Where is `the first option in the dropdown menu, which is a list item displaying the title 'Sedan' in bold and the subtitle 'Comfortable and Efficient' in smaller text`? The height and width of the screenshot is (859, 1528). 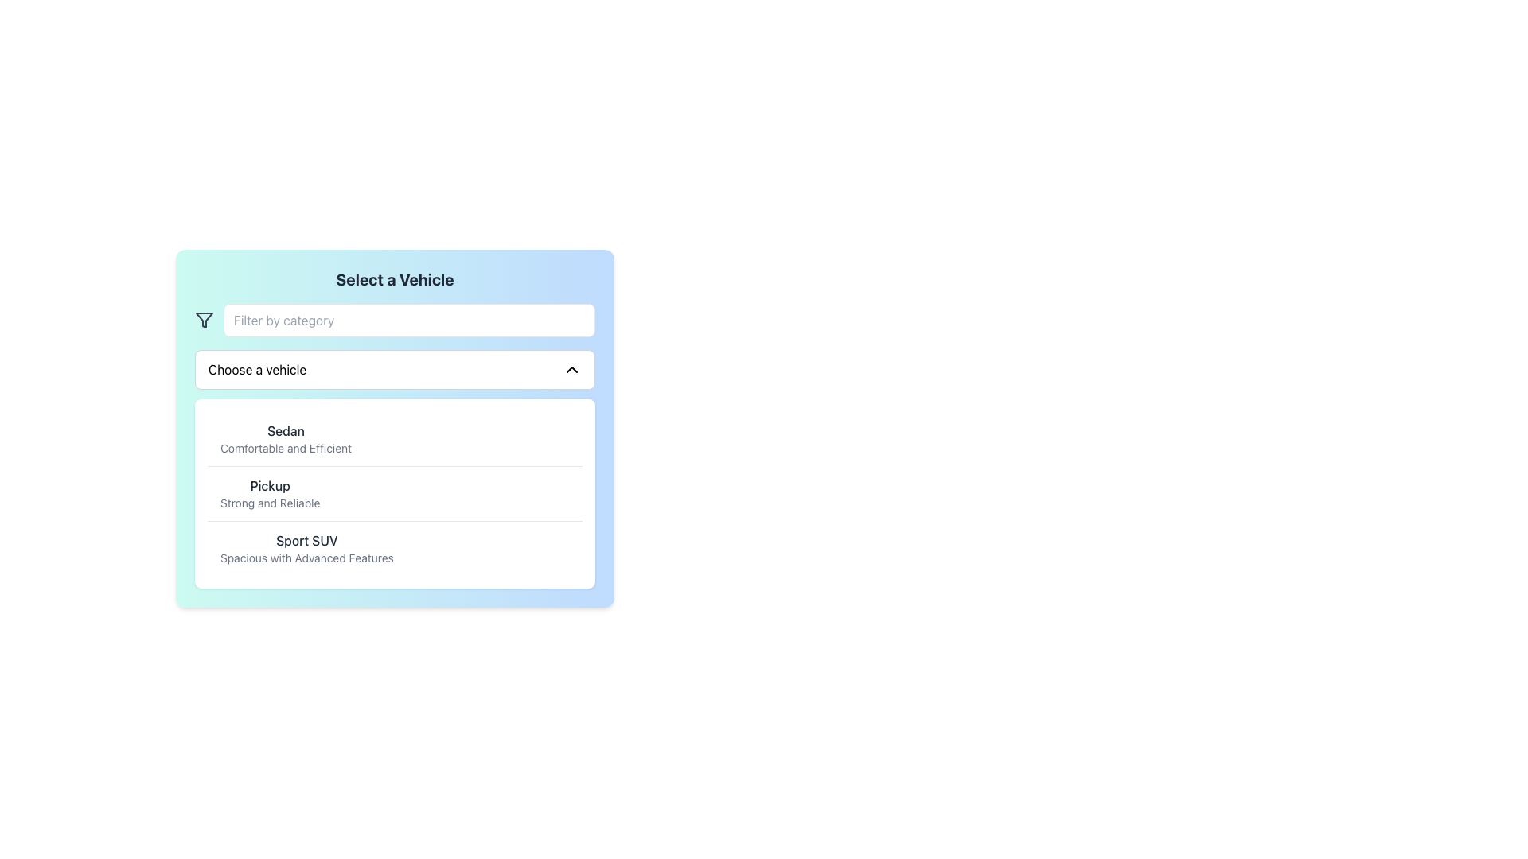 the first option in the dropdown menu, which is a list item displaying the title 'Sedan' in bold and the subtitle 'Comfortable and Efficient' in smaller text is located at coordinates (286, 438).